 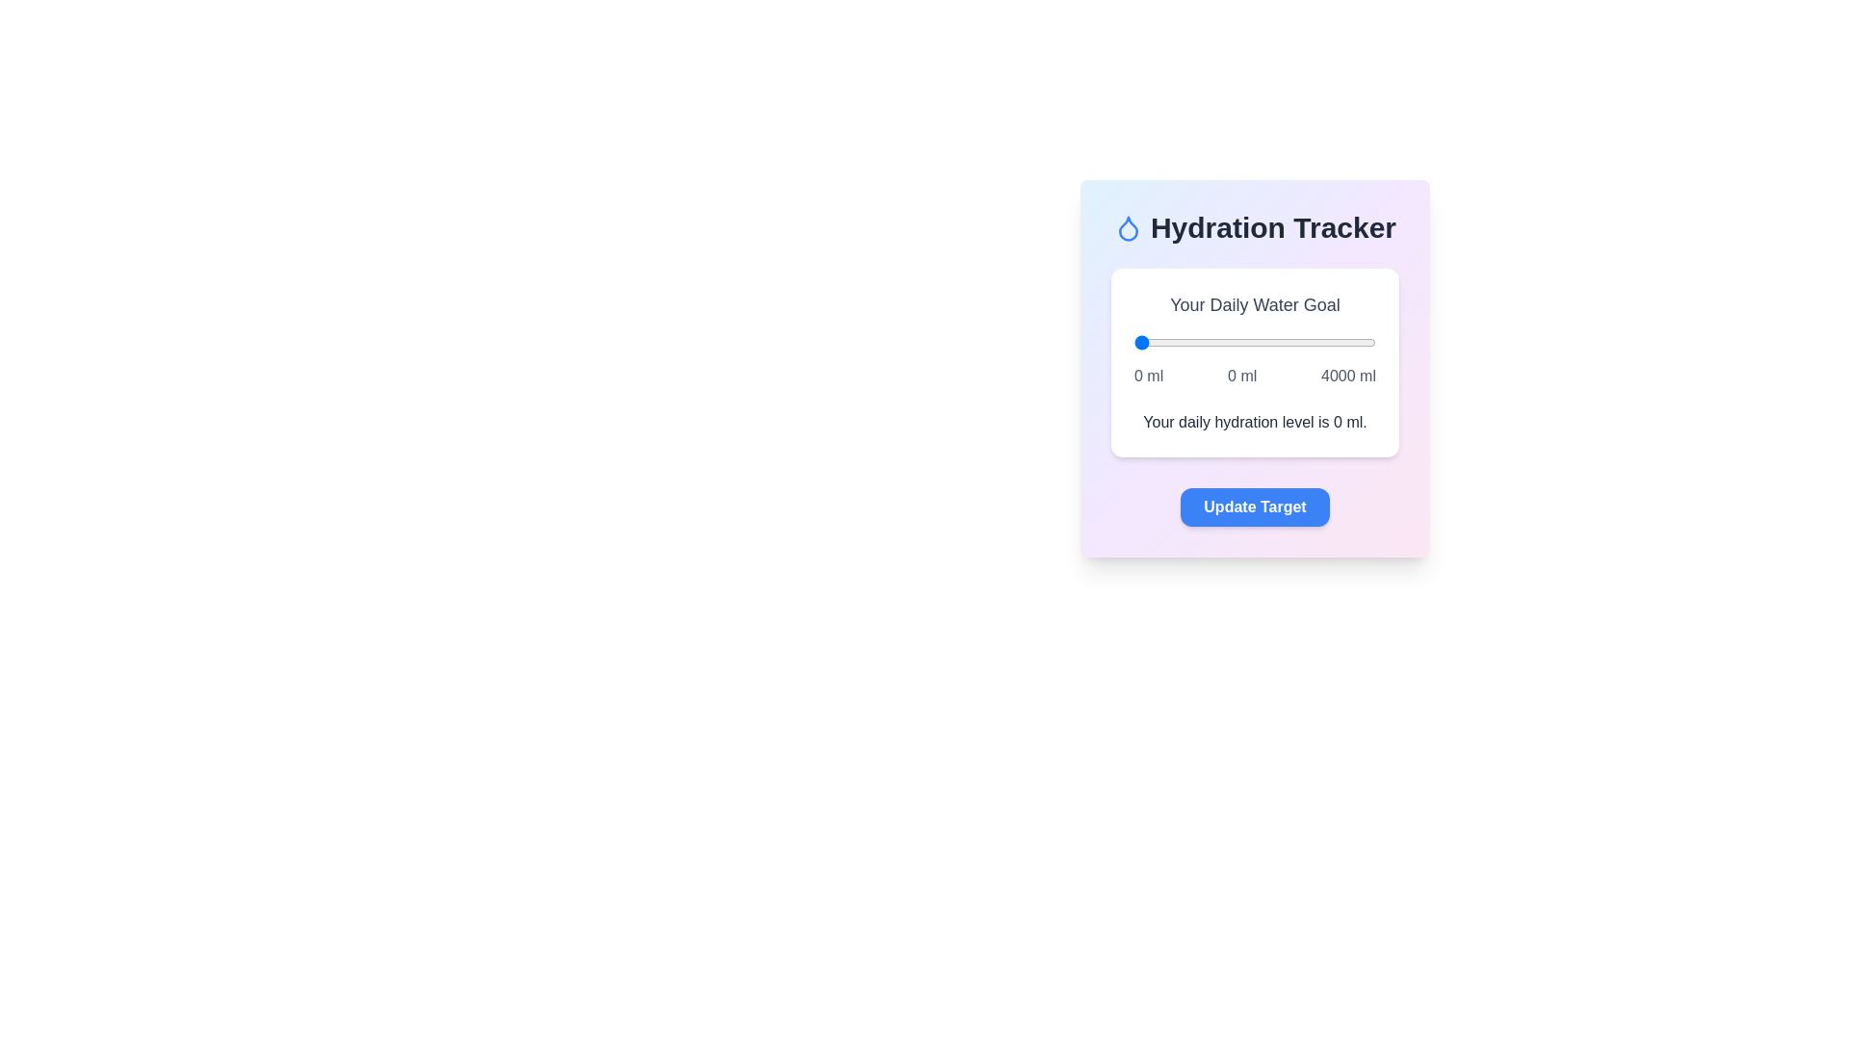 What do you see at coordinates (1152, 341) in the screenshot?
I see `the water intake slider to 290 ml` at bounding box center [1152, 341].